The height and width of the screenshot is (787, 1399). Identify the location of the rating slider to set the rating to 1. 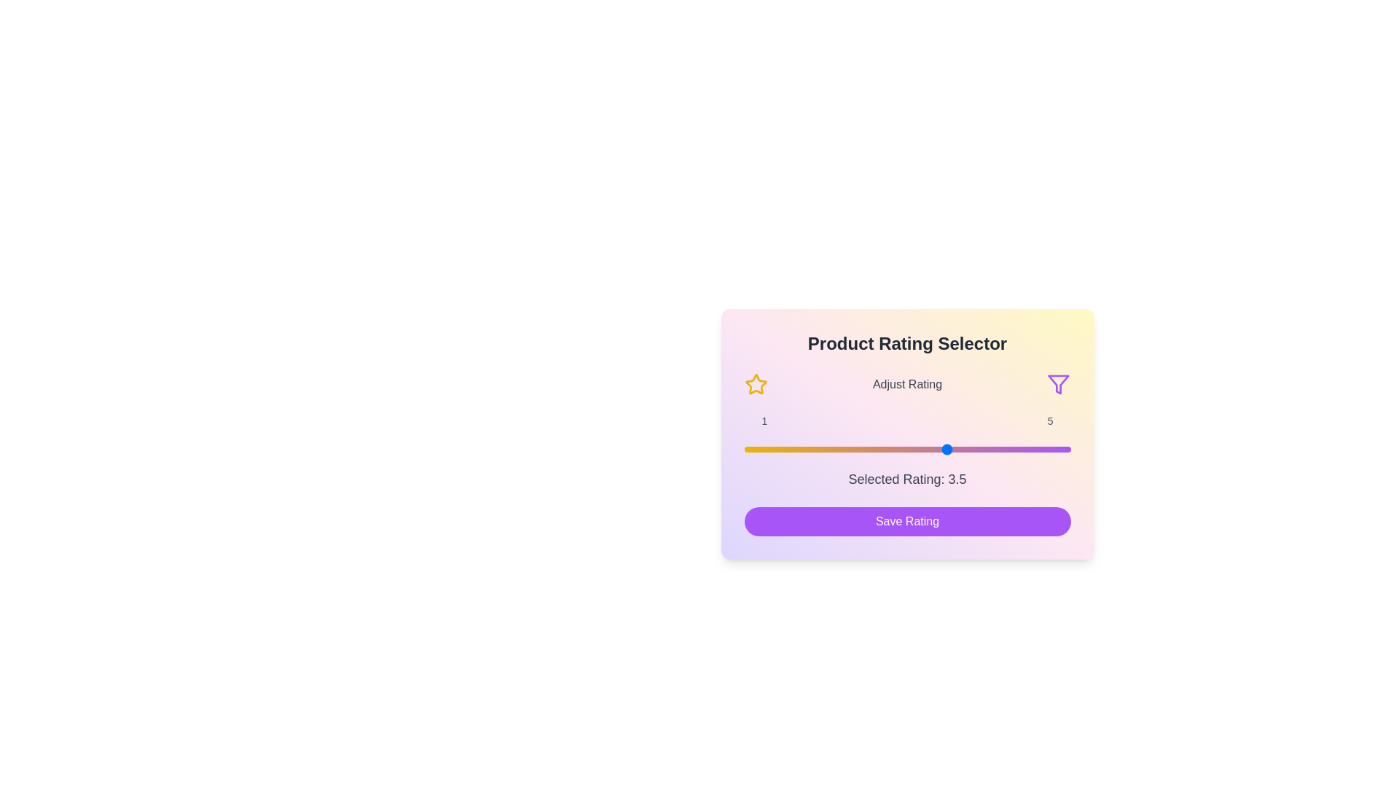
(744, 449).